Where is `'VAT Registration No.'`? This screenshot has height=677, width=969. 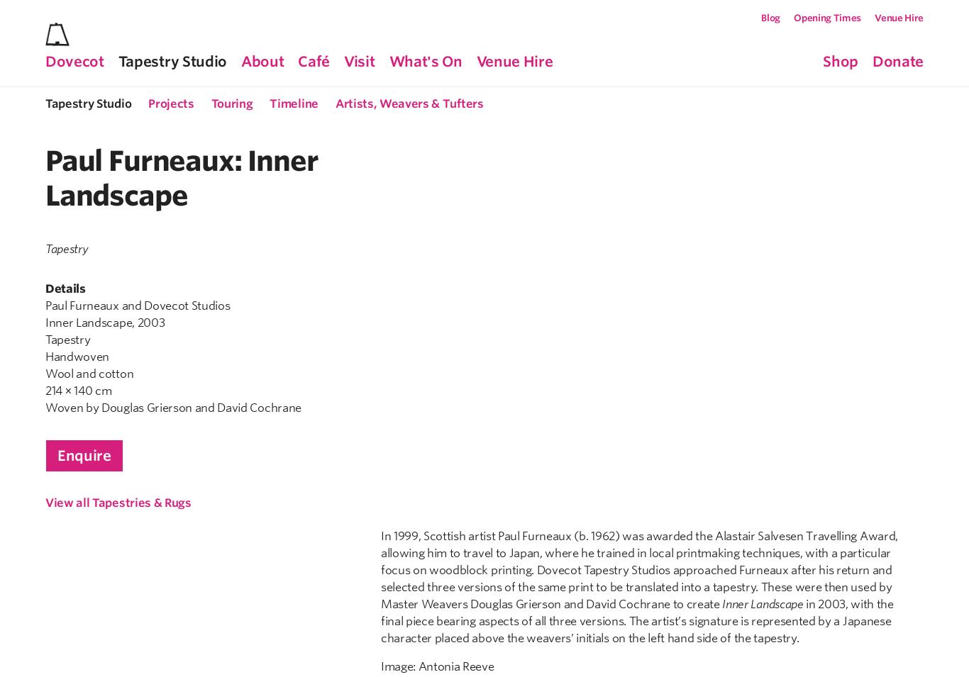 'VAT Registration No.' is located at coordinates (533, 565).